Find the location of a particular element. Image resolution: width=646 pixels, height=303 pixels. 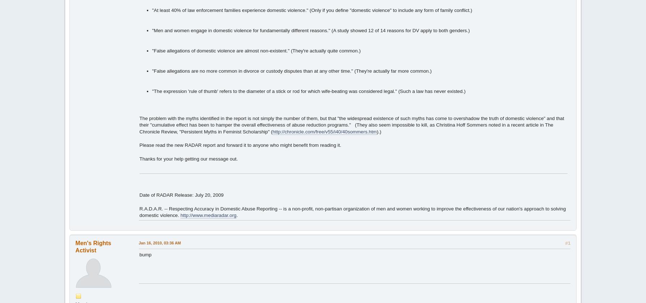

'bump' is located at coordinates (145, 254).